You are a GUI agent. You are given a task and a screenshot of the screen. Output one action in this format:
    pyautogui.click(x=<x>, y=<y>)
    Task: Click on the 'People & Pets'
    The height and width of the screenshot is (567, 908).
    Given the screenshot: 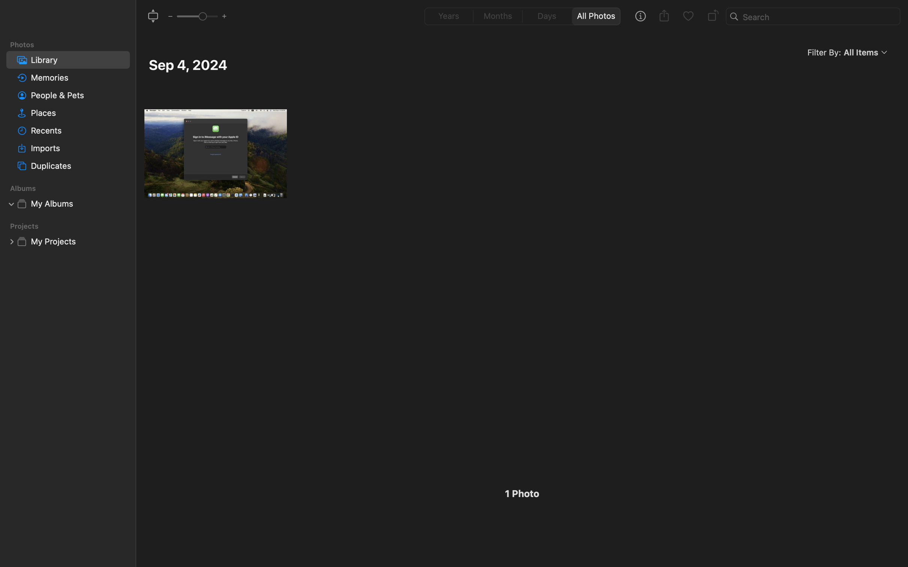 What is the action you would take?
    pyautogui.click(x=78, y=95)
    